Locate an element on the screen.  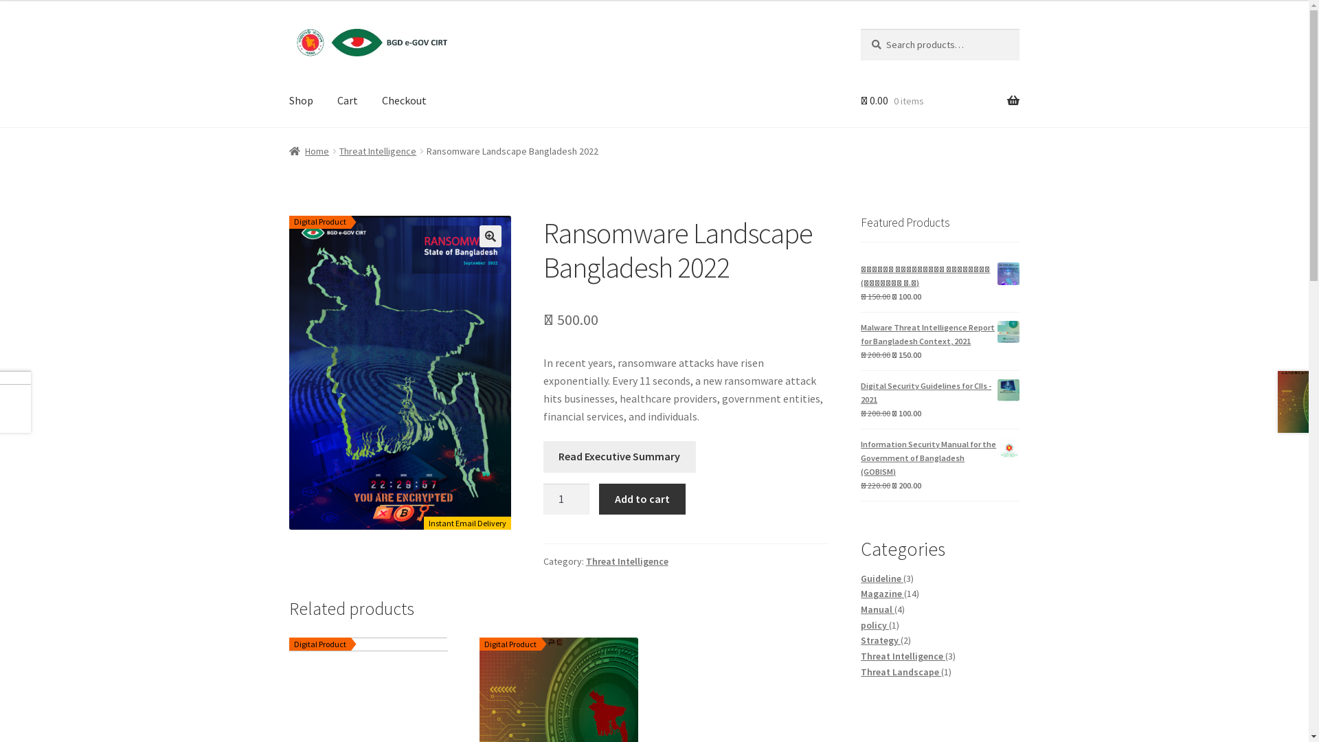
'Cart' is located at coordinates (347, 100).